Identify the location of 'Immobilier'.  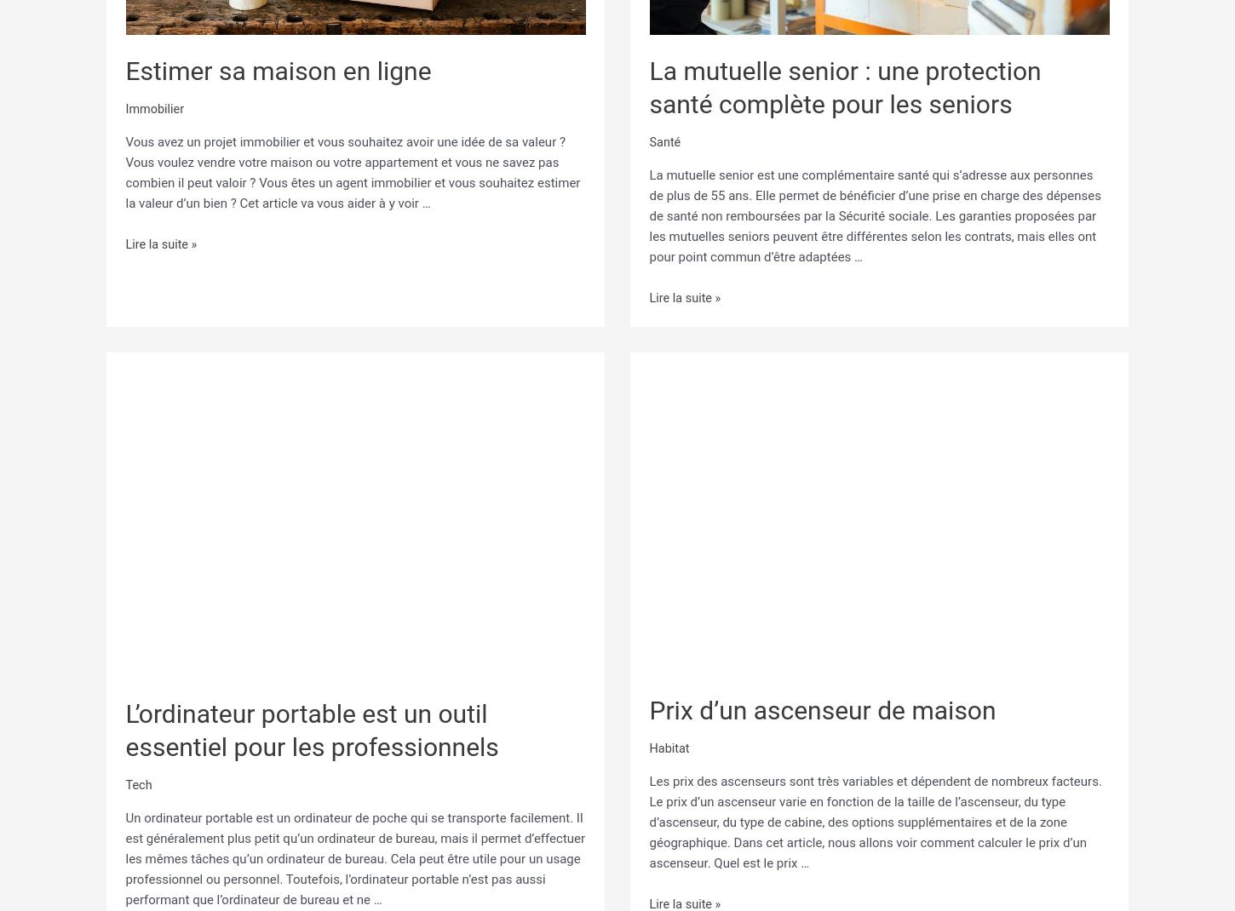
(124, 108).